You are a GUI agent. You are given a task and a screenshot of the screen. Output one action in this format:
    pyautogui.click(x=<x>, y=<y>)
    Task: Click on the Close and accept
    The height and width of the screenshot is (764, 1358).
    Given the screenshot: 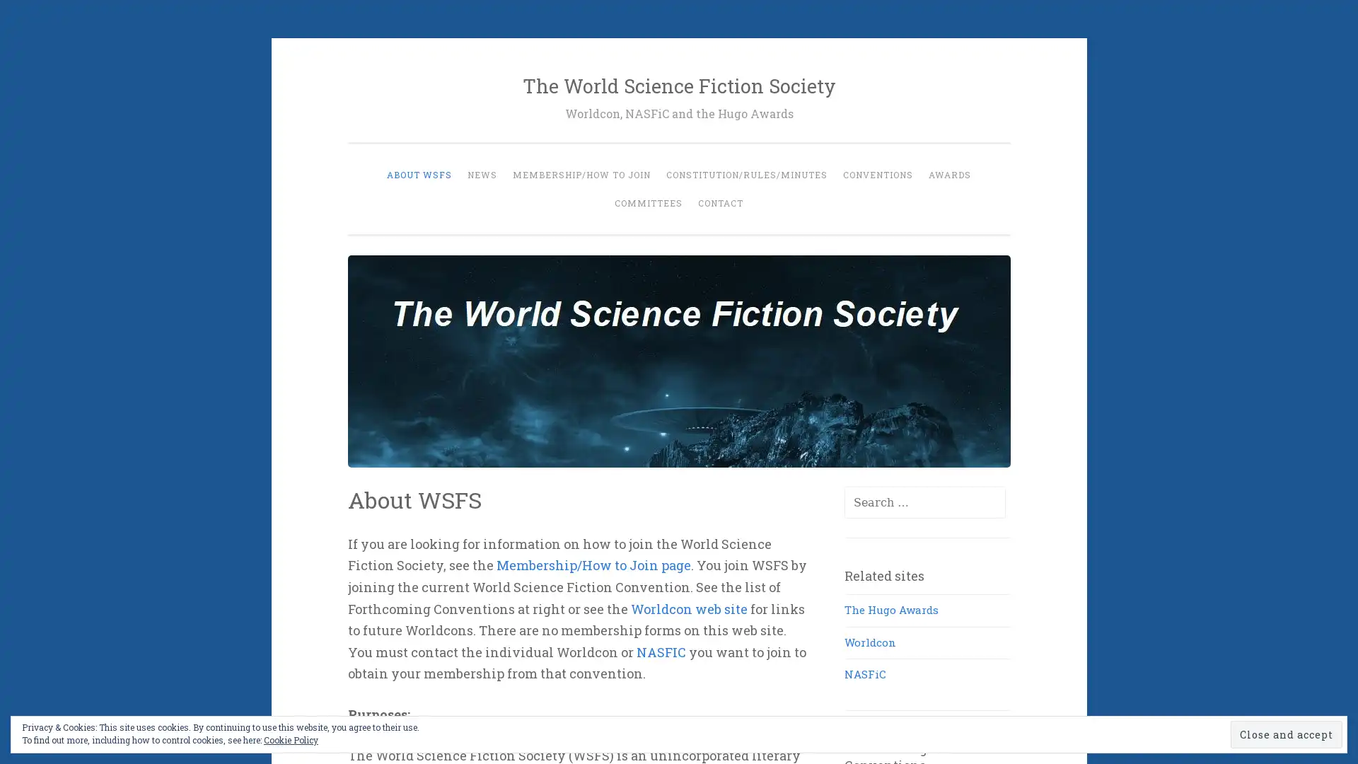 What is the action you would take?
    pyautogui.click(x=1287, y=734)
    